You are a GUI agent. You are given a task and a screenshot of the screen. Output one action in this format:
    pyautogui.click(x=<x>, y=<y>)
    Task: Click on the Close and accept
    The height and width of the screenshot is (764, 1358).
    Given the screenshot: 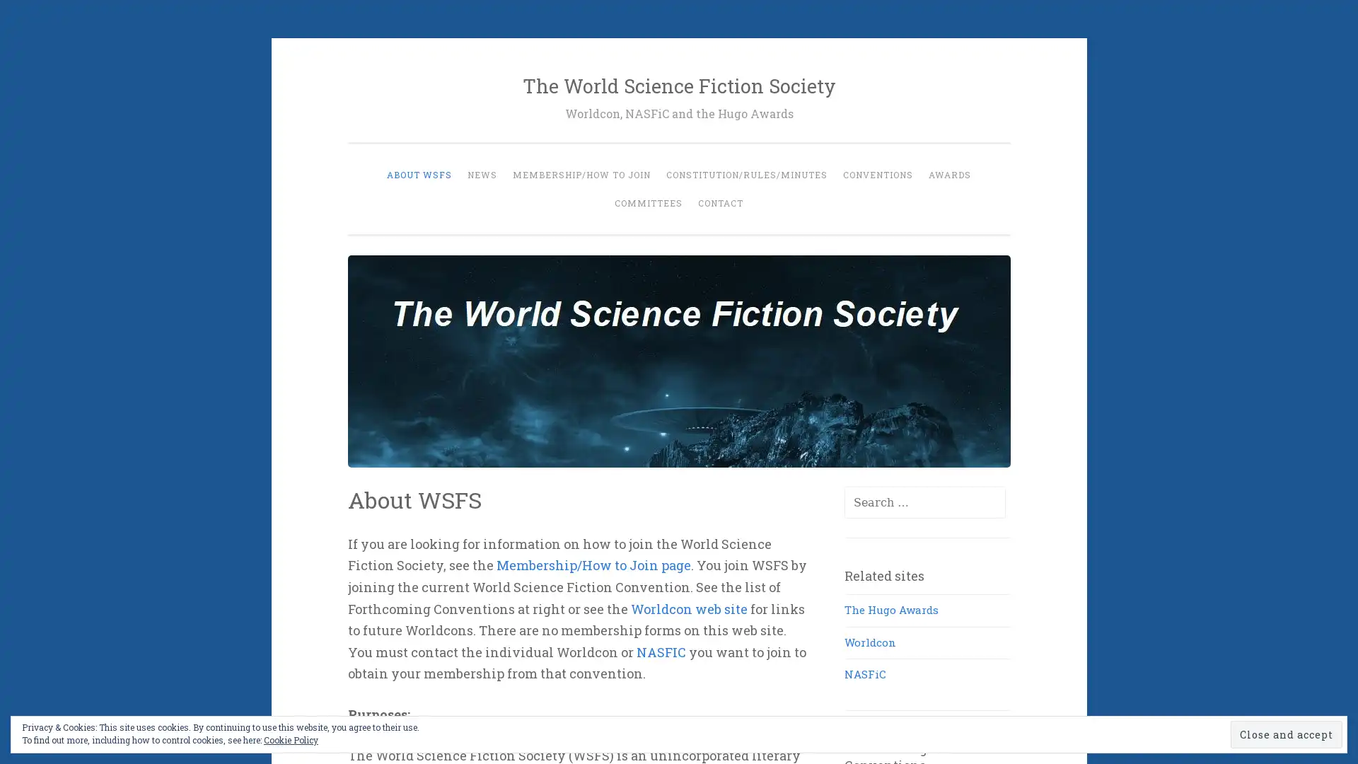 What is the action you would take?
    pyautogui.click(x=1287, y=734)
    